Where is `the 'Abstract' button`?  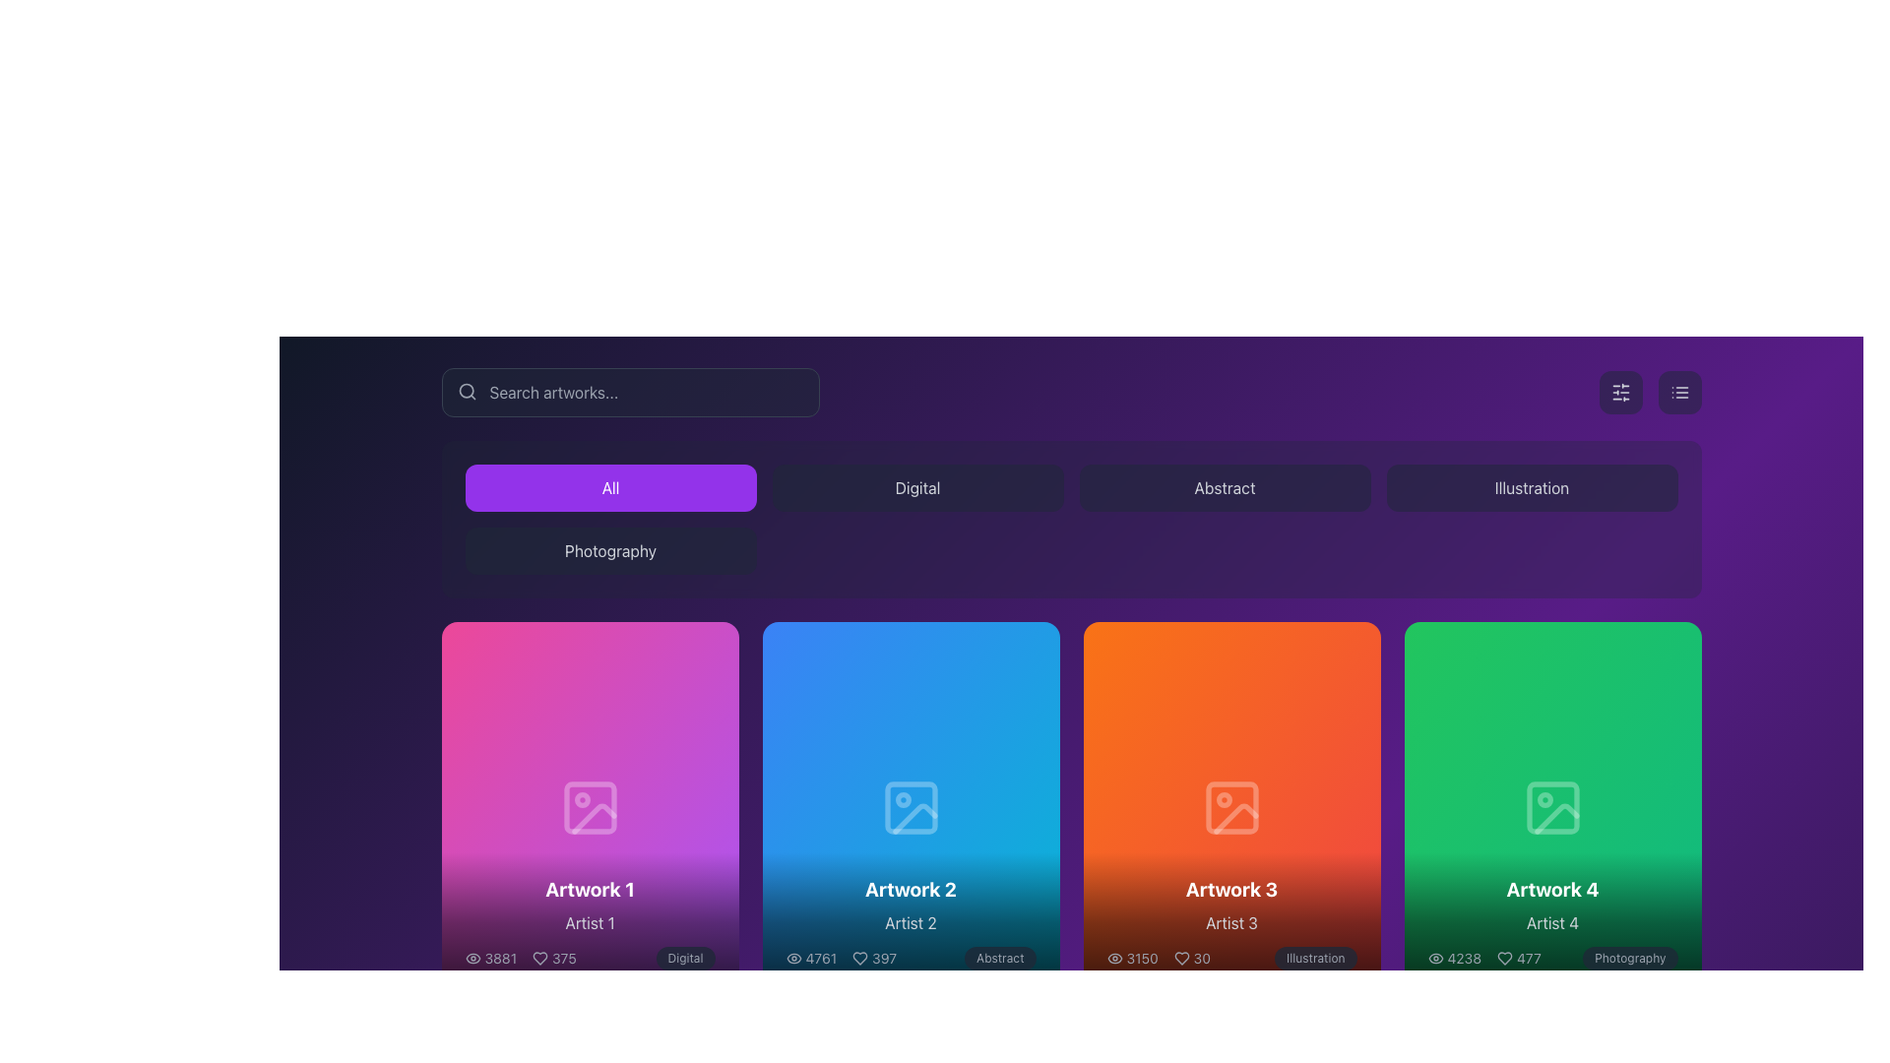 the 'Abstract' button is located at coordinates (1224, 487).